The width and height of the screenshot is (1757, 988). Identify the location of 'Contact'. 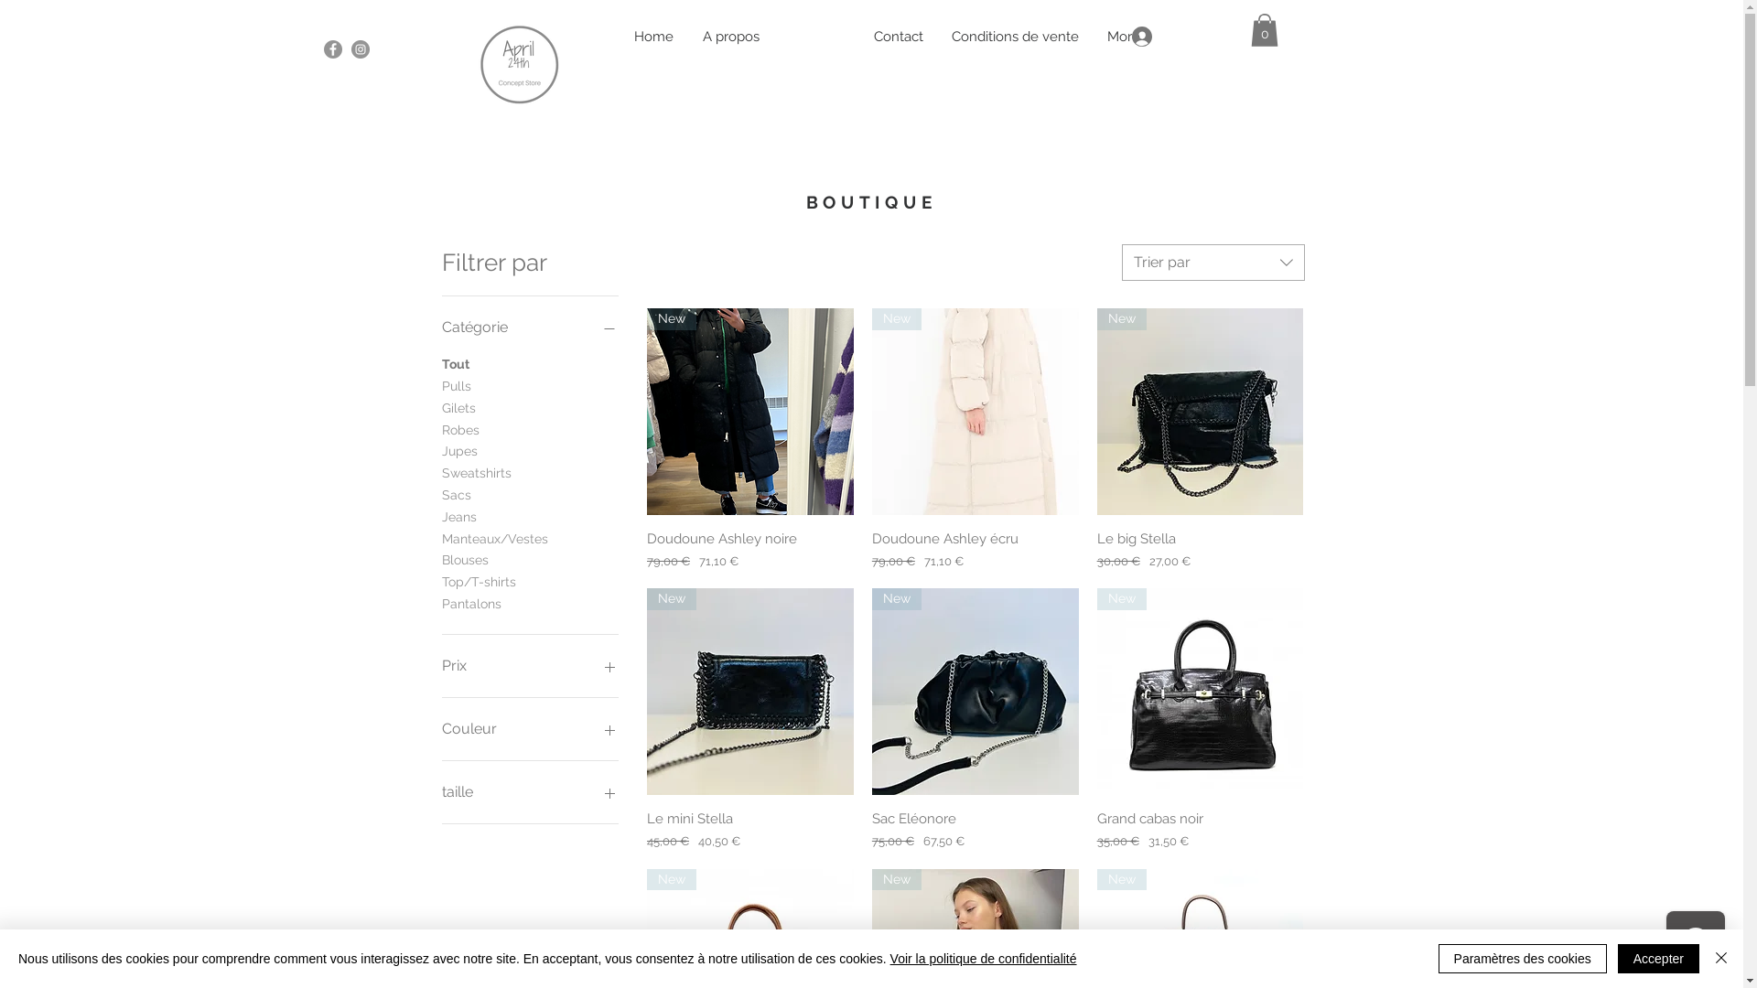
(899, 36).